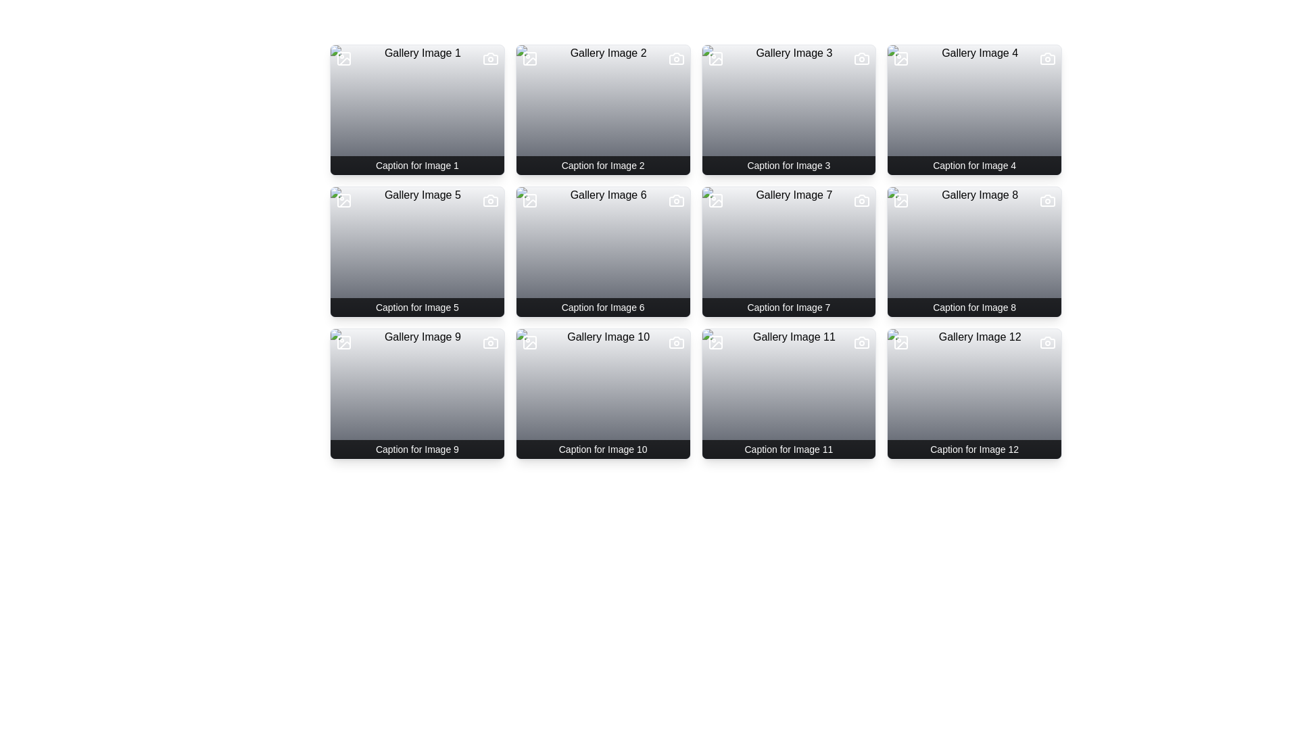 This screenshot has width=1298, height=730. I want to click on the Decorative overlay that enhances the readability of other overlay elements in the 'Gallery Image 4' component, so click(974, 109).